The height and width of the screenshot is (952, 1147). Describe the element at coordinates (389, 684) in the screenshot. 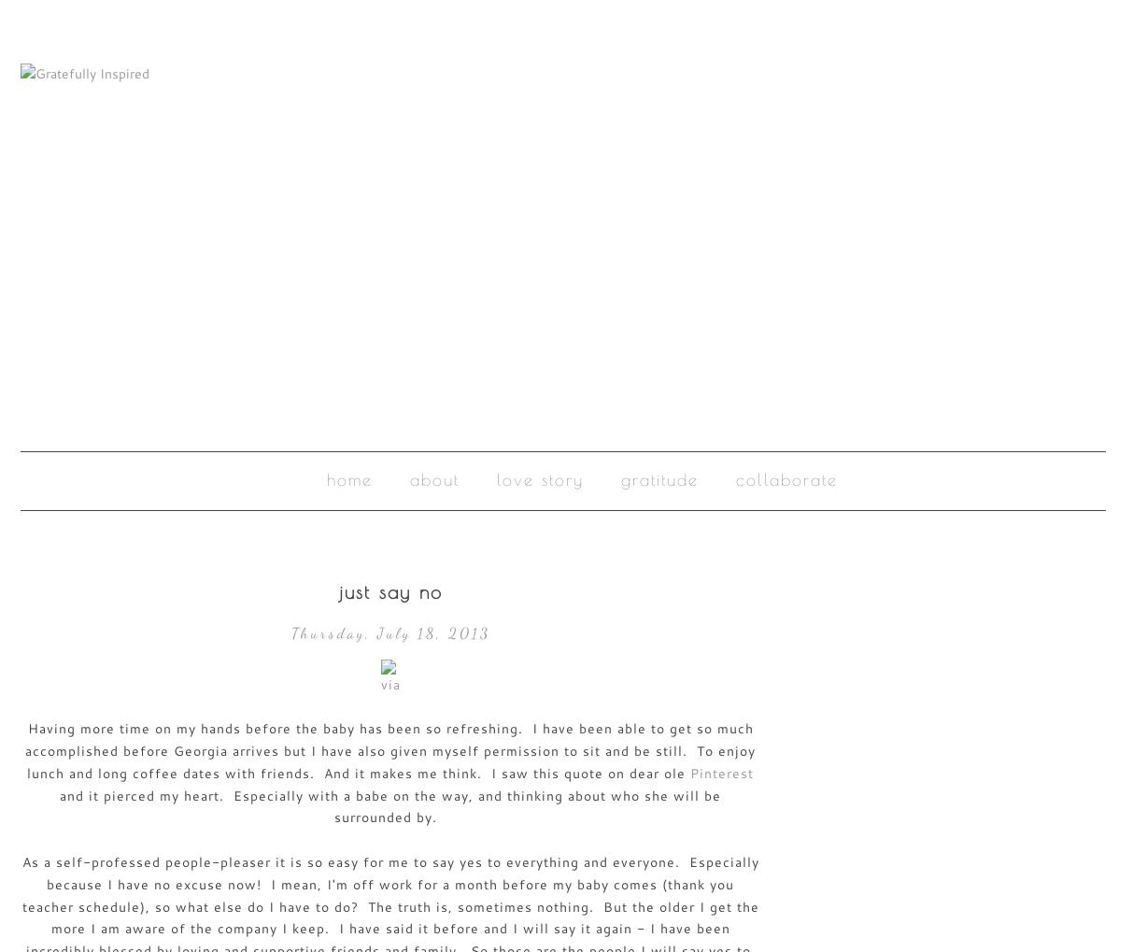

I see `'via'` at that location.